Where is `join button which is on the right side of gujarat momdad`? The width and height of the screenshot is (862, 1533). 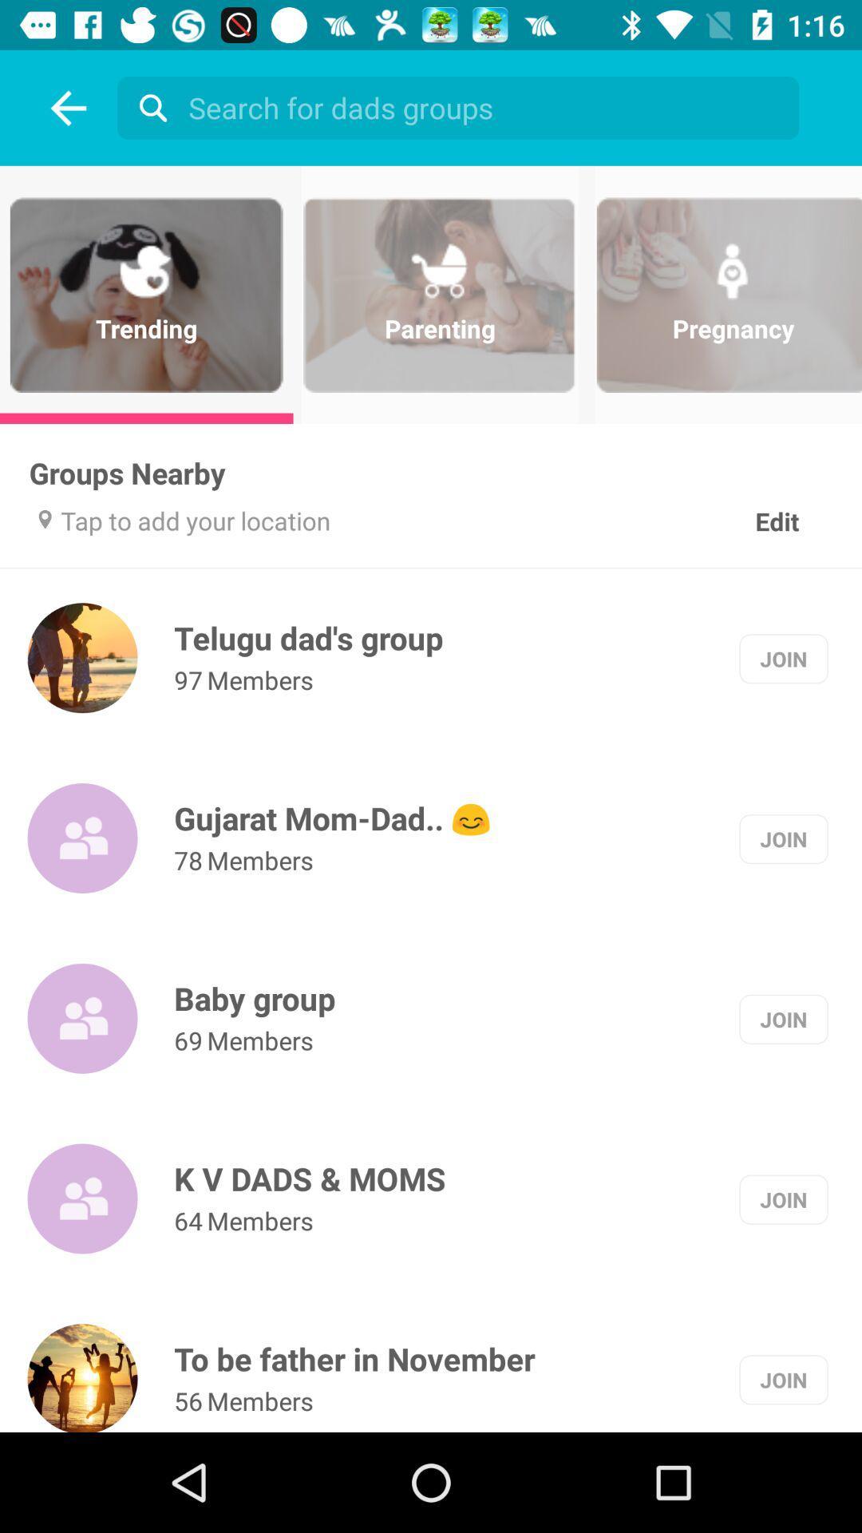
join button which is on the right side of gujarat momdad is located at coordinates (783, 838).